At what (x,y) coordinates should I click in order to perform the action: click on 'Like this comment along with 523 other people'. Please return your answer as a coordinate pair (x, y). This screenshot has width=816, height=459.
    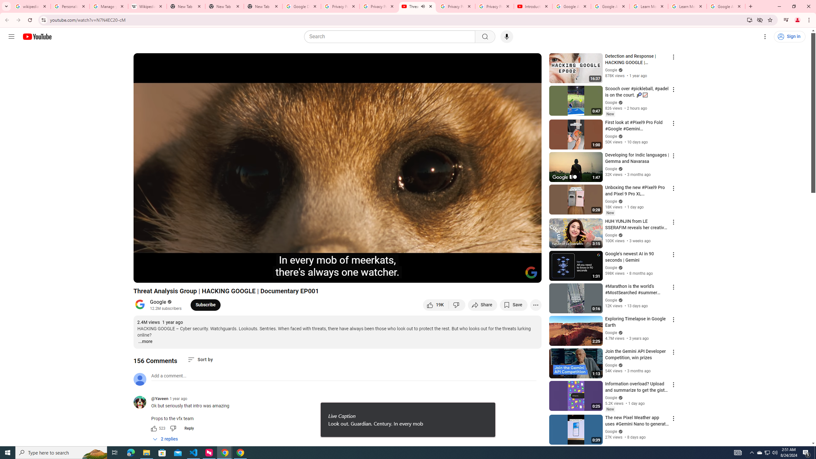
    Looking at the image, I should click on (153, 428).